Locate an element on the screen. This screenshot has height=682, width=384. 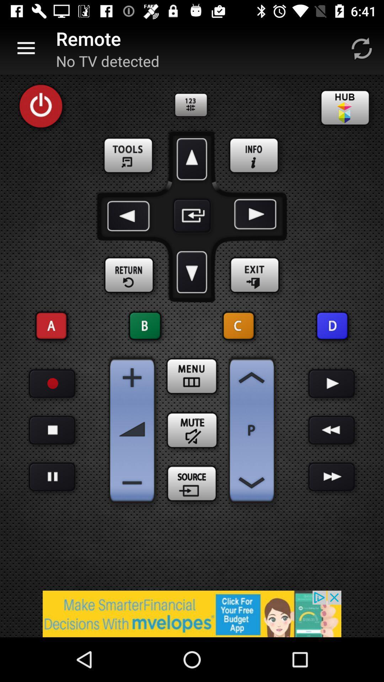
refresh remote options is located at coordinates (362, 48).